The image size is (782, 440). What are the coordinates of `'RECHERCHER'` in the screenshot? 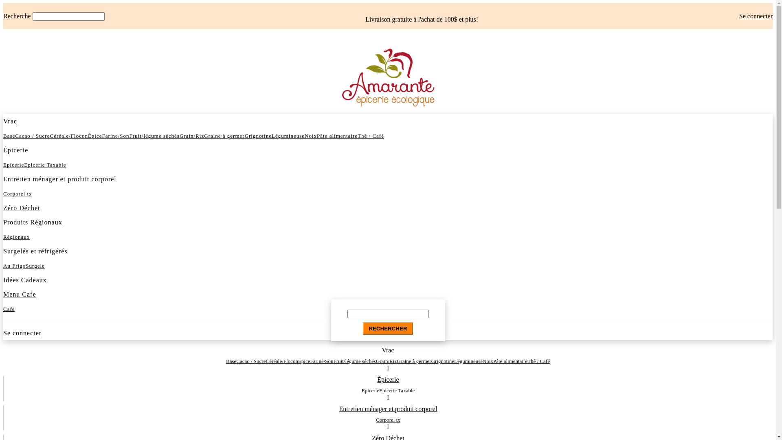 It's located at (387, 328).